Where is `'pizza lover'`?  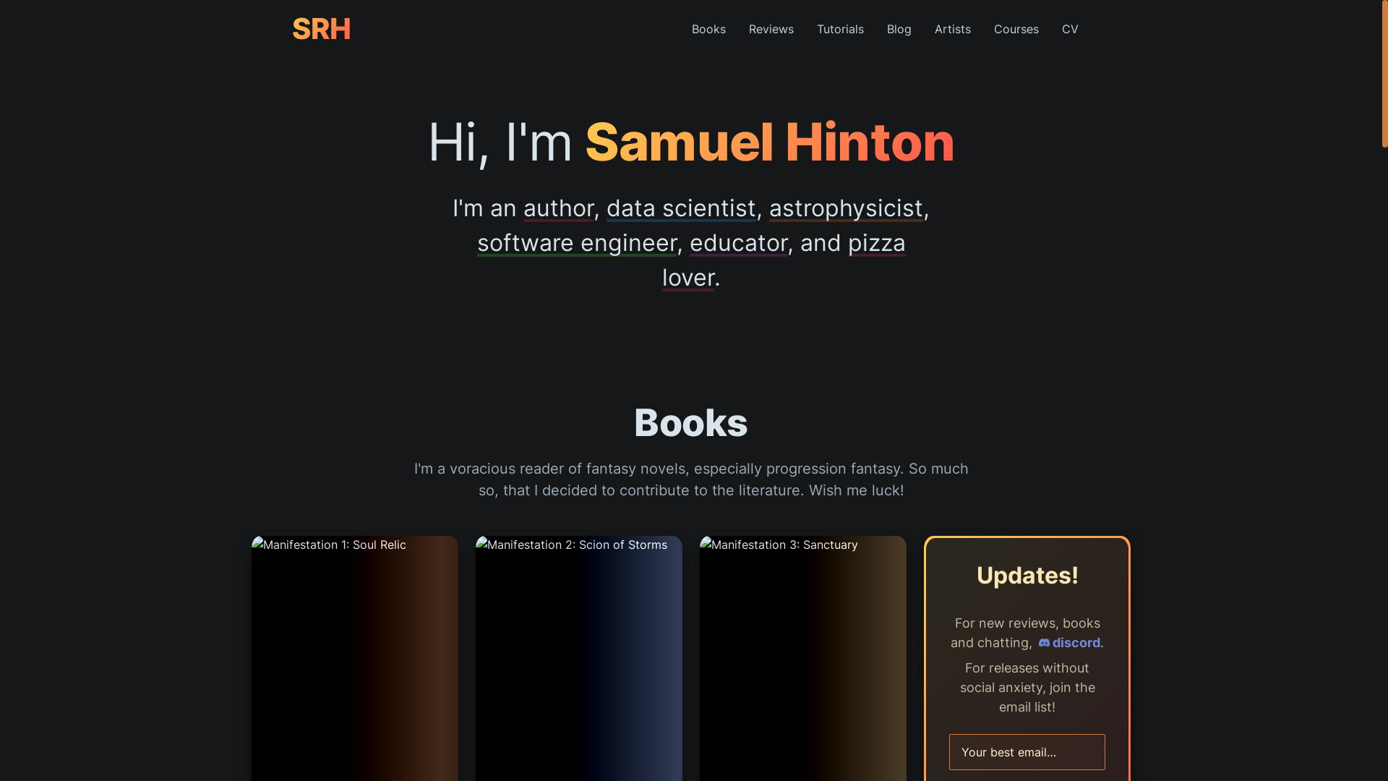 'pizza lover' is located at coordinates (783, 259).